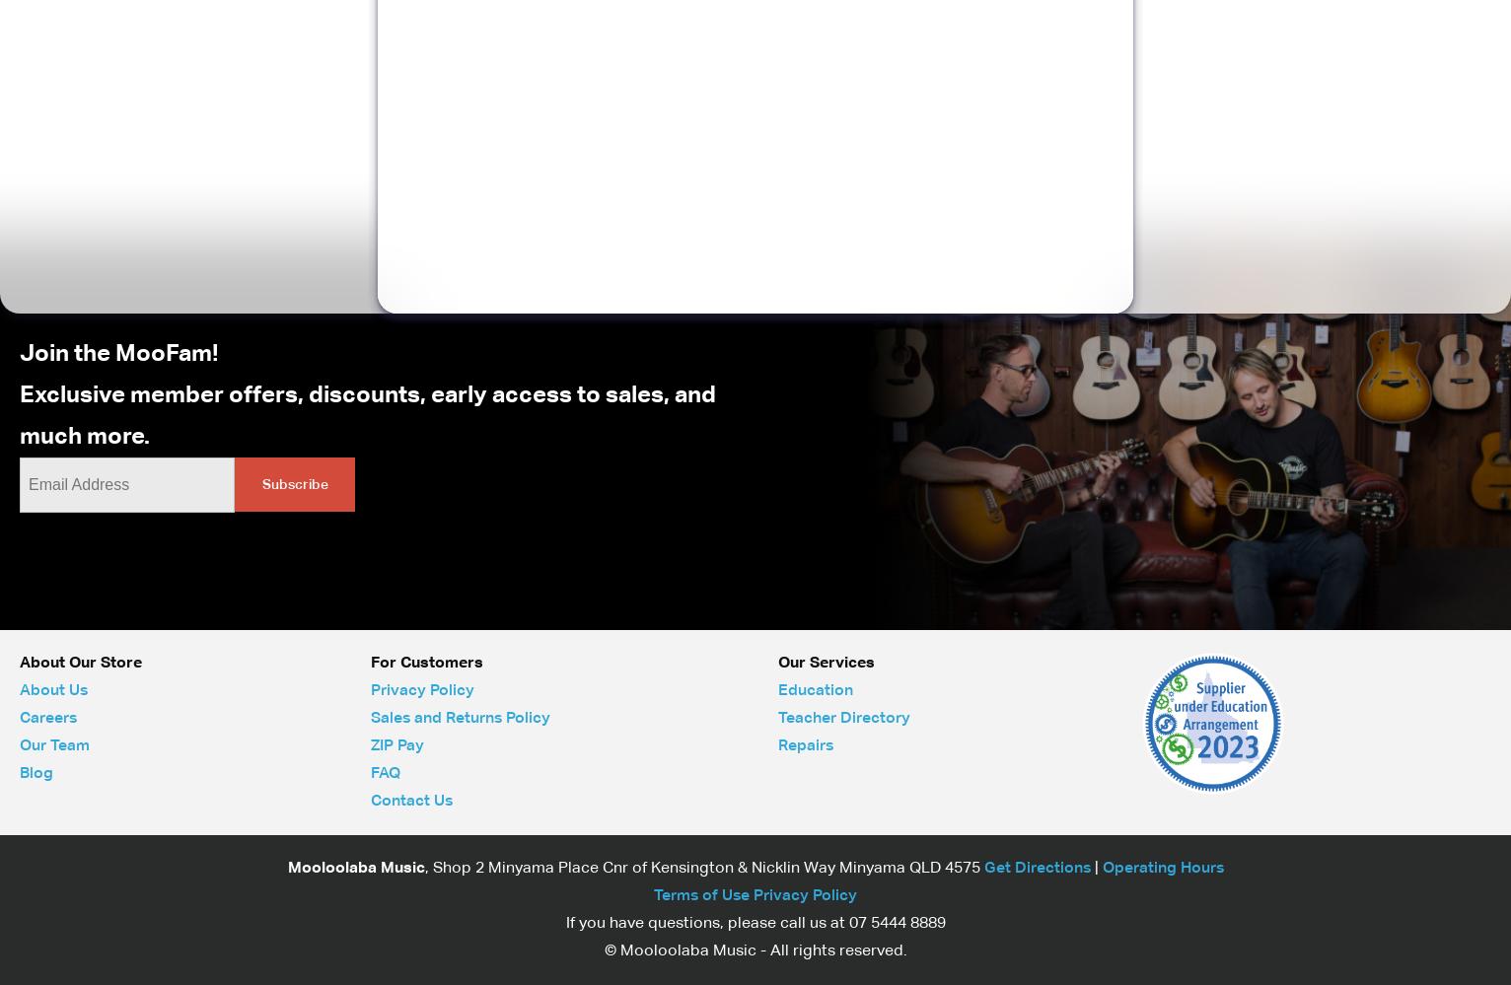  What do you see at coordinates (983, 867) in the screenshot?
I see `'Get Directions'` at bounding box center [983, 867].